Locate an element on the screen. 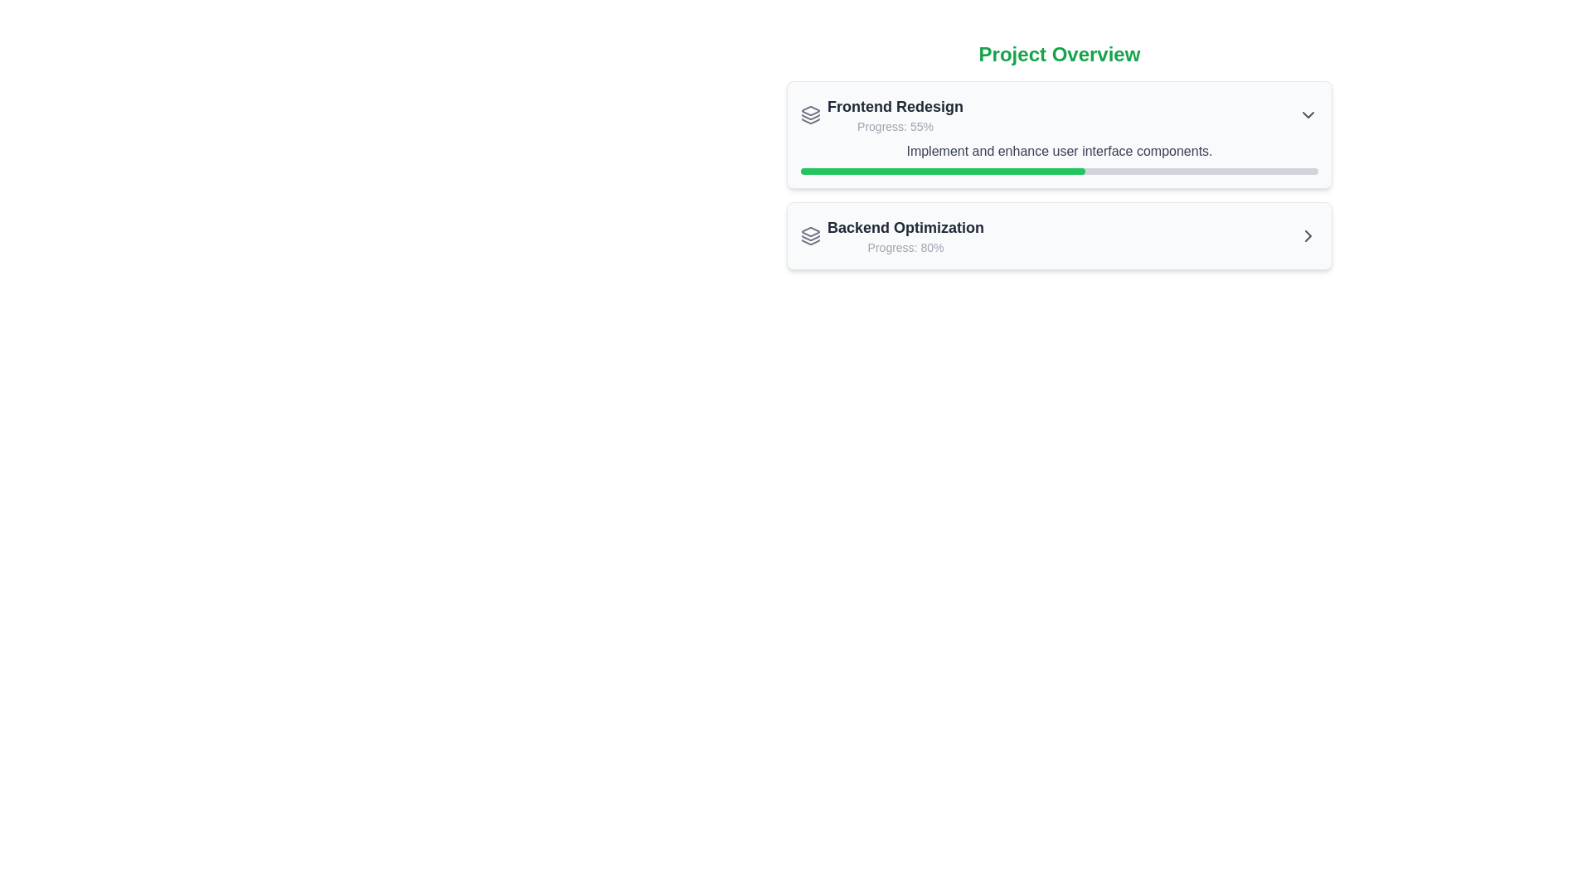 This screenshot has width=1592, height=895. the right-pointing arrow icon located on the card labeled 'Backend Optimization' in the second row of project progress cards is located at coordinates (1308, 236).